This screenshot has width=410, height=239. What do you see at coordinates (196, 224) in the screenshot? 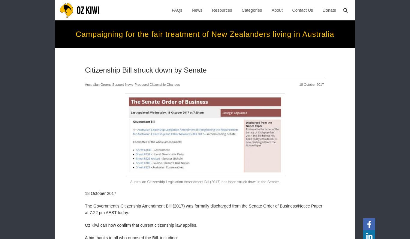
I see `'.'` at bounding box center [196, 224].